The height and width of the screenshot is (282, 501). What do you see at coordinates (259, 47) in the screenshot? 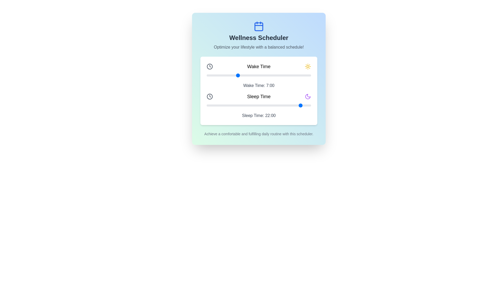
I see `the text element displaying 'Optimize your lifestyle with a balanced schedule!' which is styled in gray and located underneath the 'Wellness Scheduler' heading` at bounding box center [259, 47].